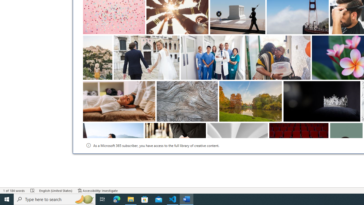  I want to click on 'Language English (United States)', so click(56, 190).